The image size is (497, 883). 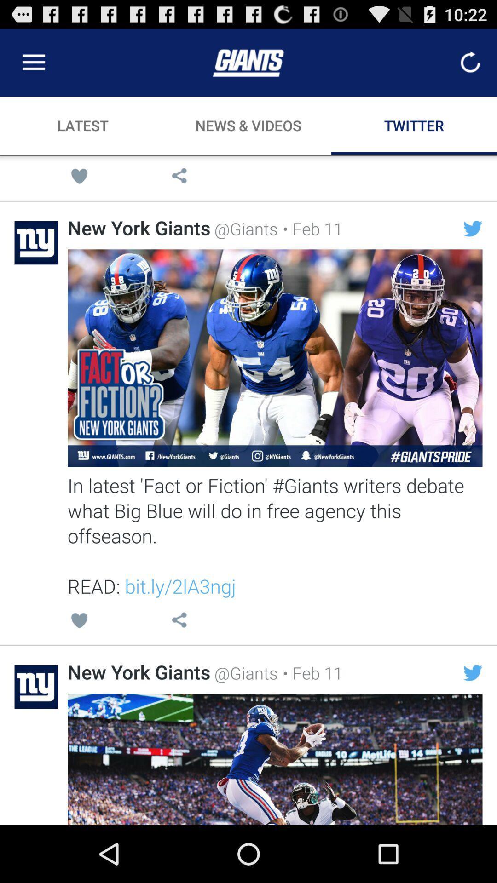 What do you see at coordinates (274, 535) in the screenshot?
I see `the in latest fact item` at bounding box center [274, 535].